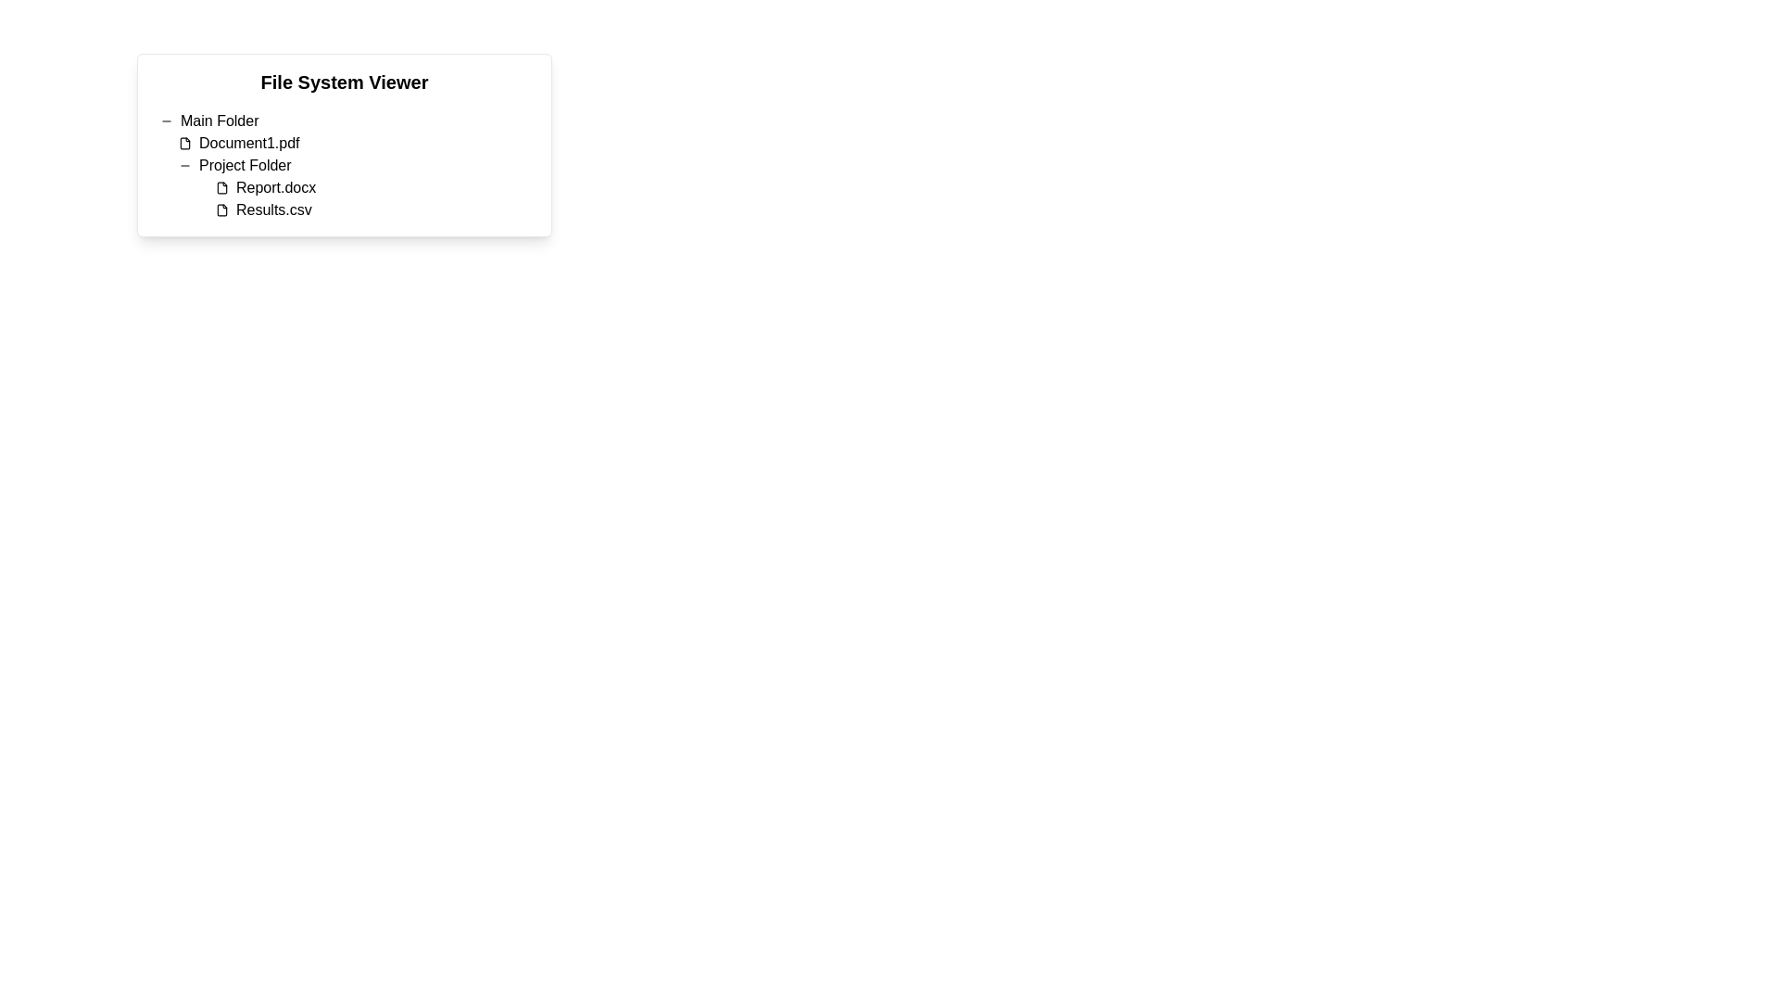 The height and width of the screenshot is (1001, 1779). I want to click on the file icon representing 'Report.docx' located under 'Project Folder', so click(222, 188).